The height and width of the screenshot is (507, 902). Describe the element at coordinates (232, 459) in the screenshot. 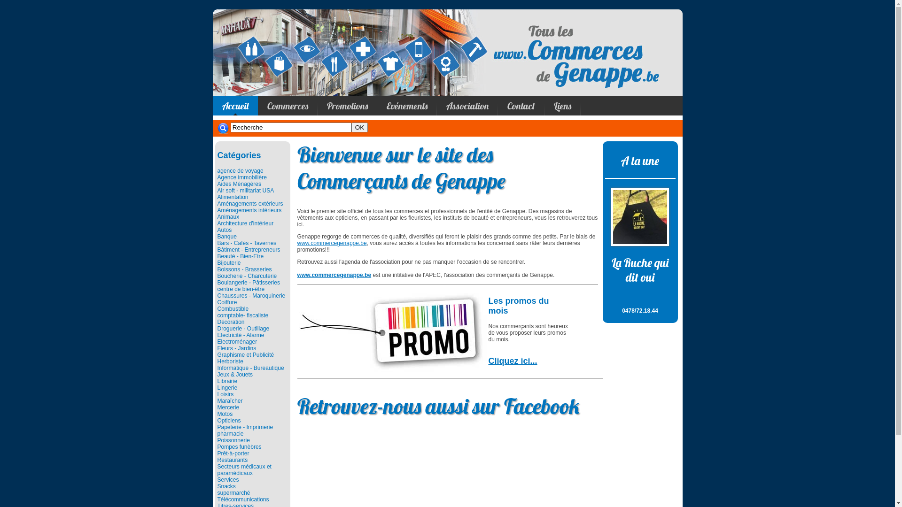

I see `'Restaurants'` at that location.